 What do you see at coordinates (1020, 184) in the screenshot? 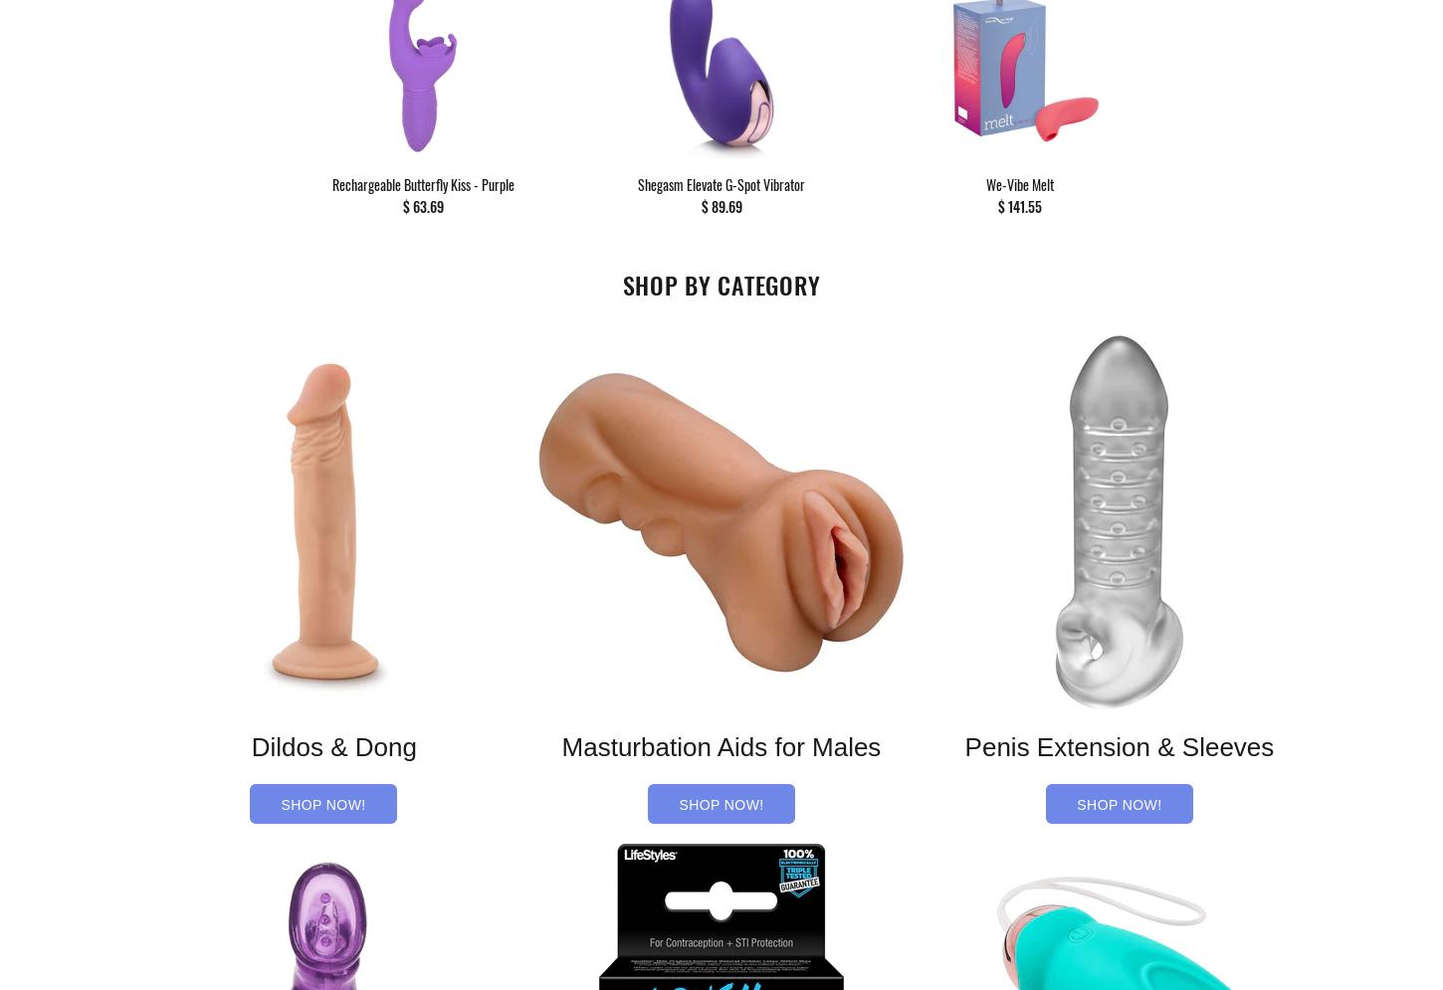
I see `'We-Vibe Melt'` at bounding box center [1020, 184].